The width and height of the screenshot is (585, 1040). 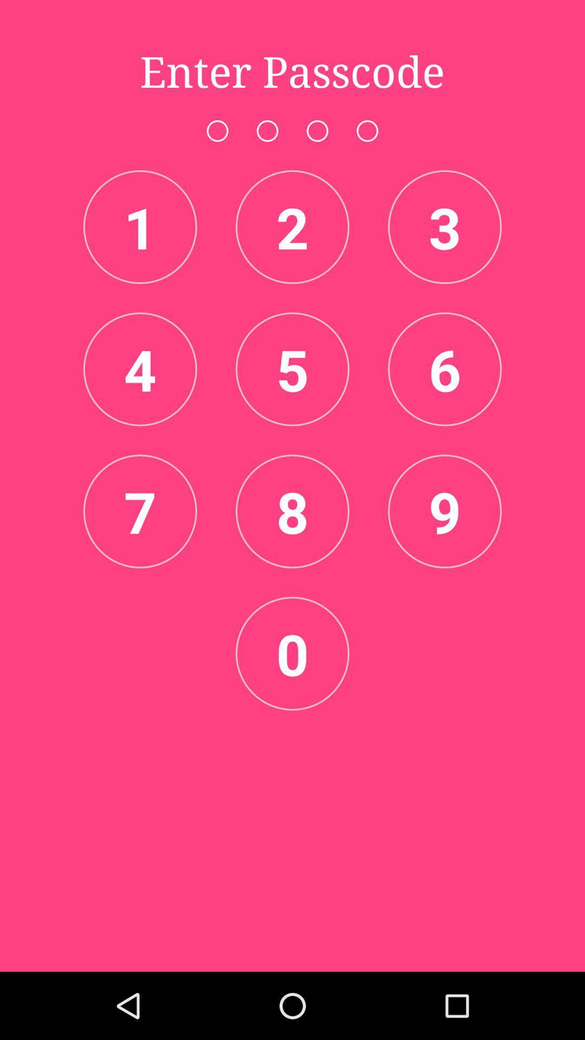 What do you see at coordinates (139, 511) in the screenshot?
I see `the icon next to the 8` at bounding box center [139, 511].